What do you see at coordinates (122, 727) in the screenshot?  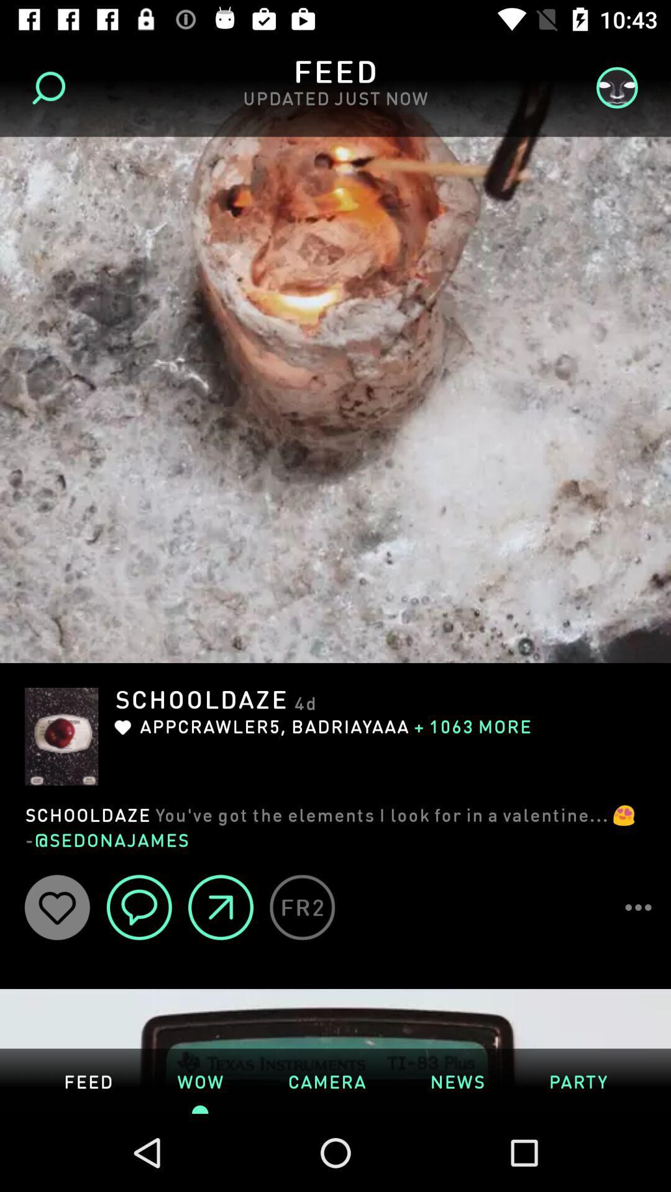 I see `the like button which is under the text schooldaze` at bounding box center [122, 727].